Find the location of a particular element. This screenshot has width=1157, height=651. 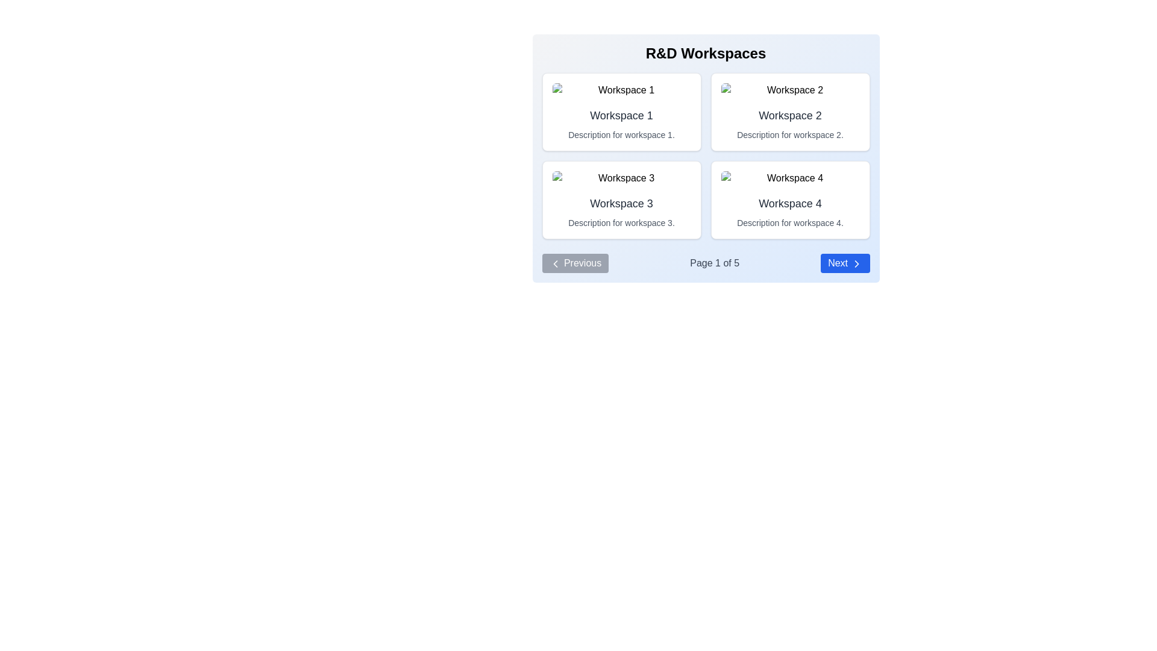

the rightward chevron icon in the 'Next' button located at the bottom right corner of the interface is located at coordinates (856, 263).